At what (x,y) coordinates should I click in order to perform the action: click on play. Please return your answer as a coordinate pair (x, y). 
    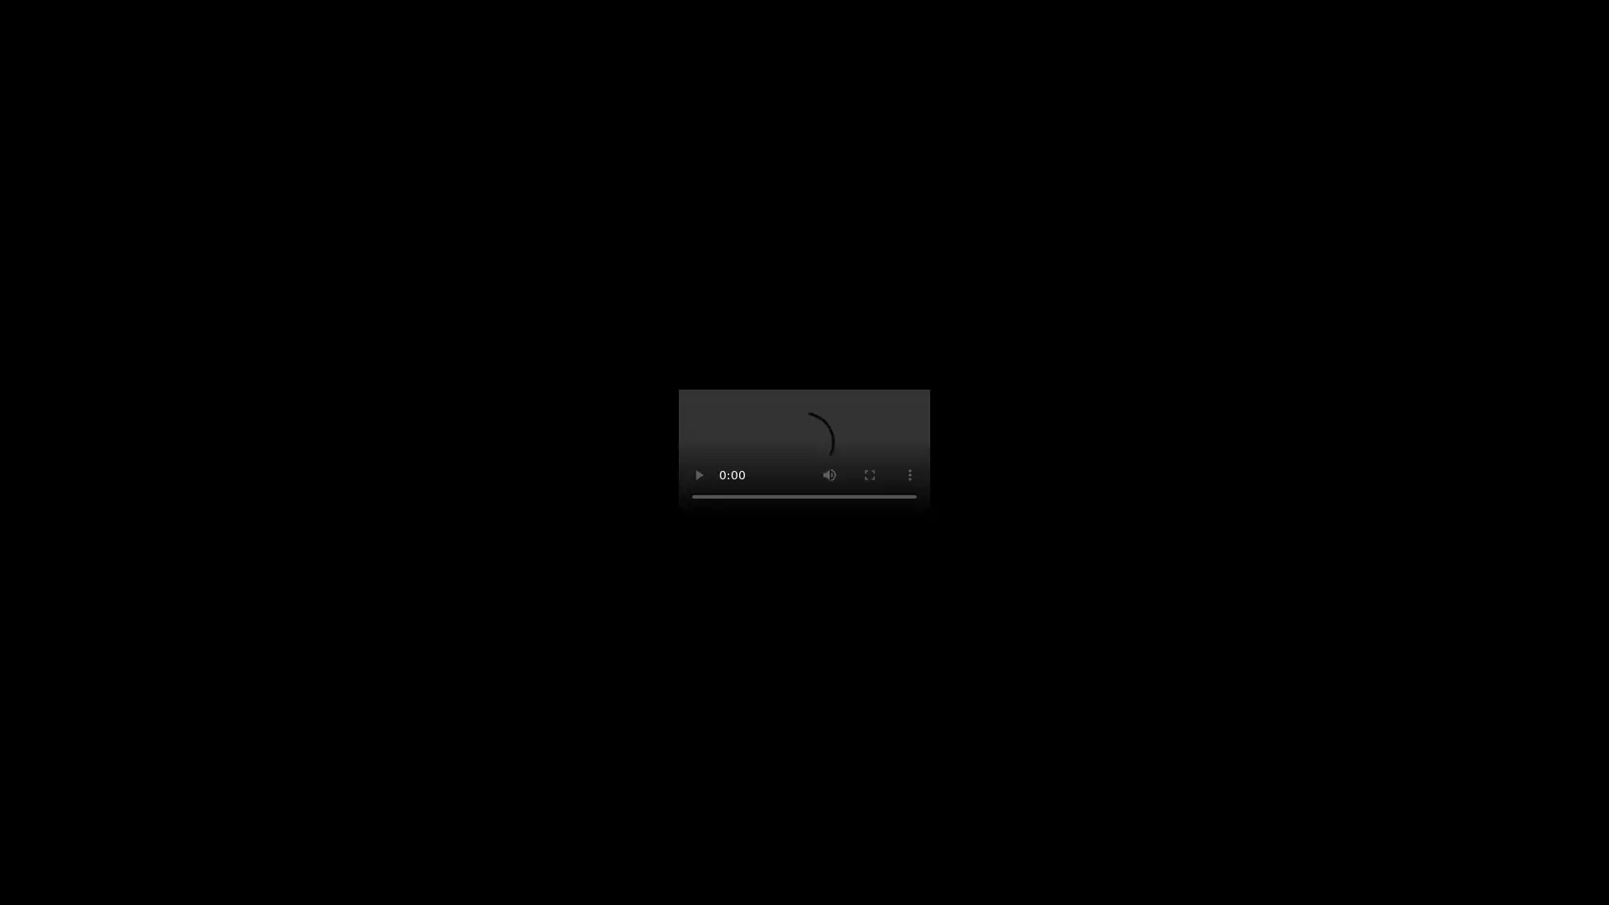
    Looking at the image, I should click on (699, 475).